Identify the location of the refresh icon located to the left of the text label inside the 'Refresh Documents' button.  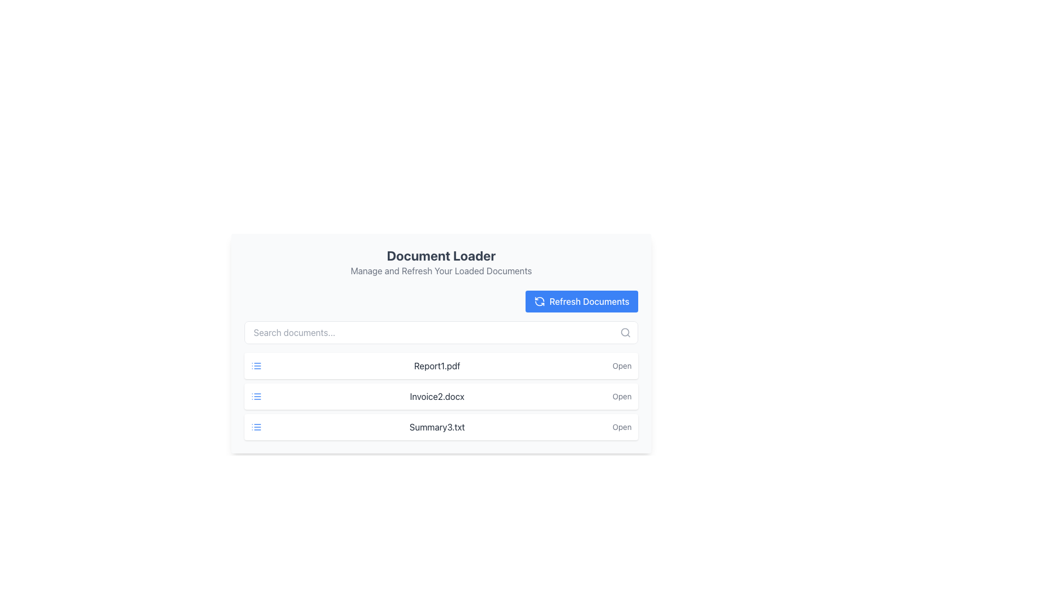
(539, 301).